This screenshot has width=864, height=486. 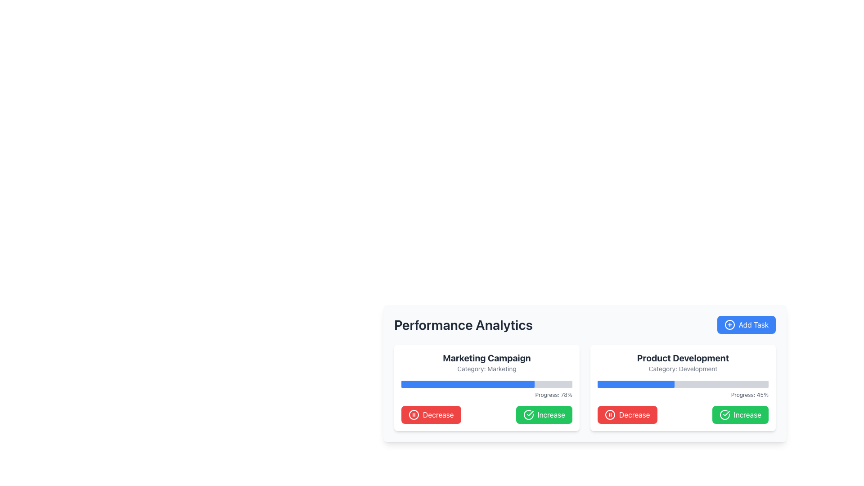 What do you see at coordinates (635, 384) in the screenshot?
I see `the decorative progress indicator bar representing 45% completion for the 'Product Development' task` at bounding box center [635, 384].